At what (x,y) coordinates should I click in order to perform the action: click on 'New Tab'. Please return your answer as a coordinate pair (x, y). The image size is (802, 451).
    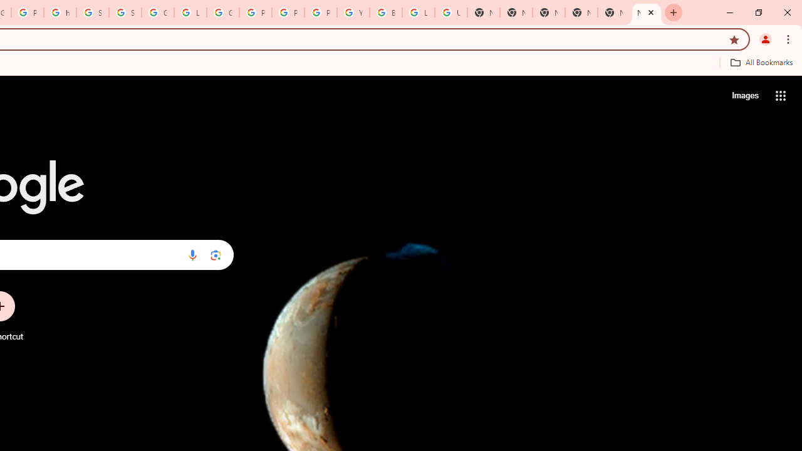
    Looking at the image, I should click on (647, 13).